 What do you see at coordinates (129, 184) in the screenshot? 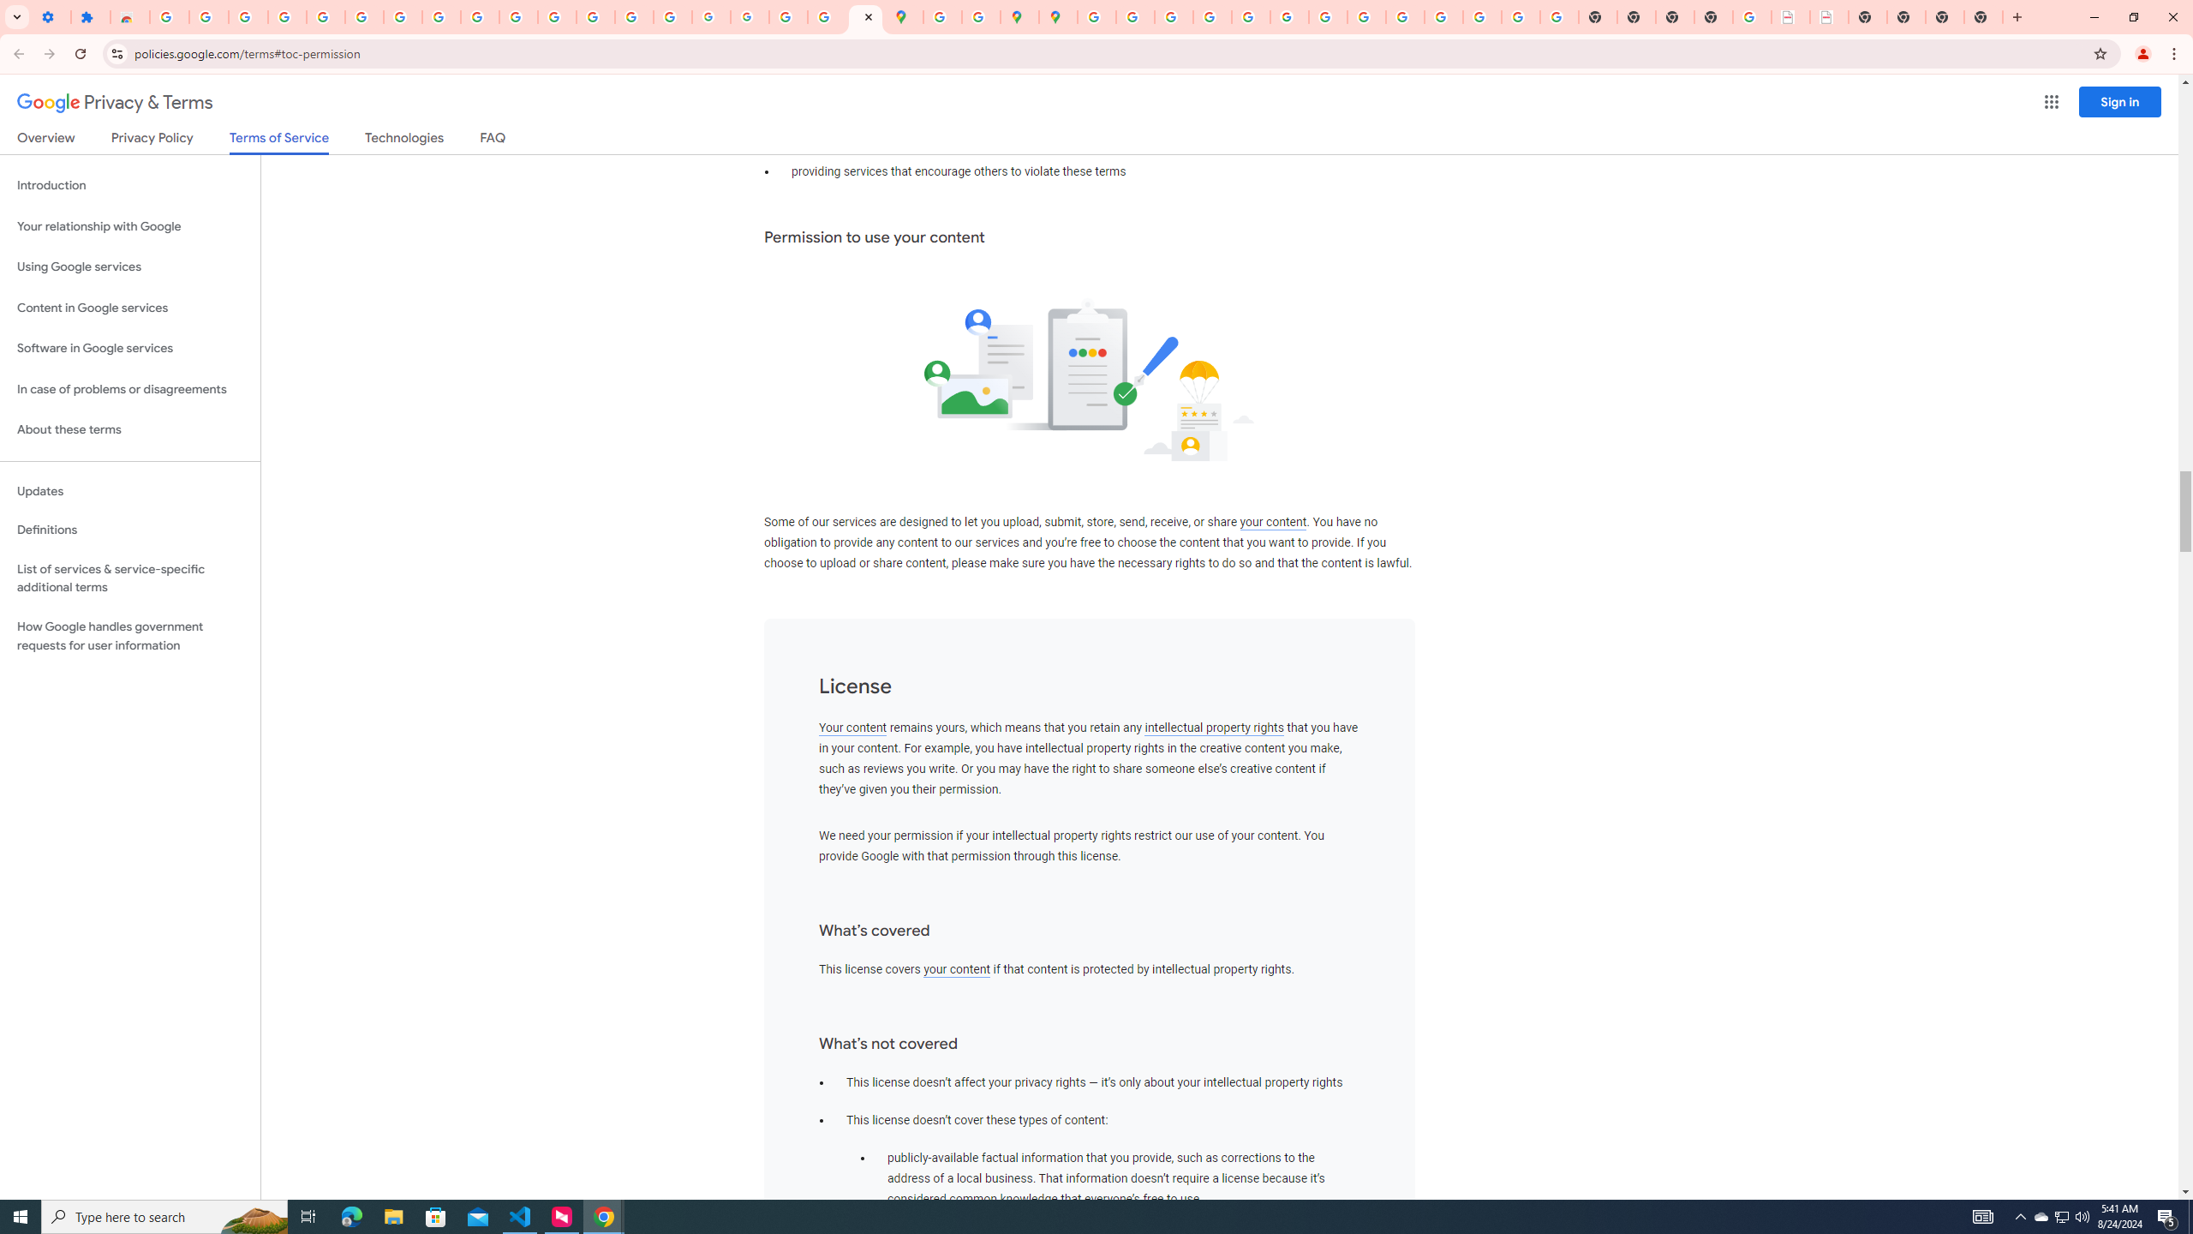
I see `'Introduction'` at bounding box center [129, 184].